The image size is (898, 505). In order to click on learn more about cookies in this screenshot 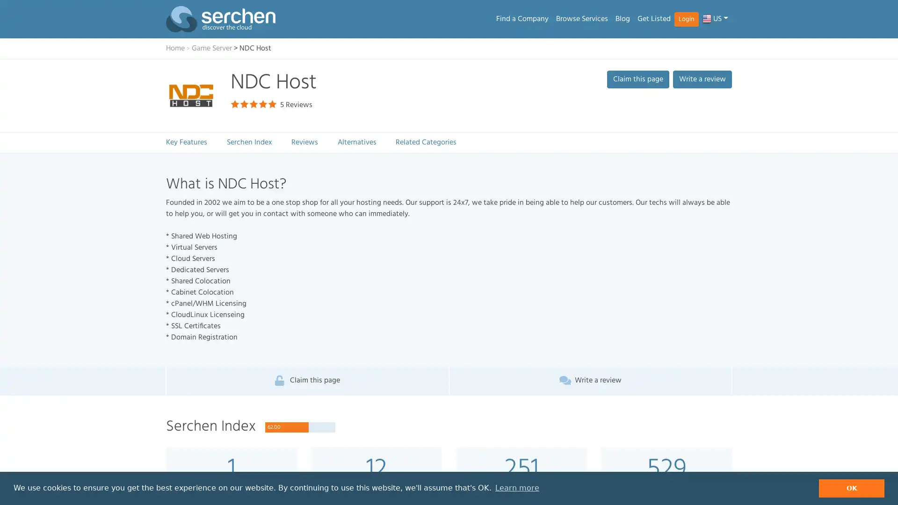, I will do `click(516, 488)`.